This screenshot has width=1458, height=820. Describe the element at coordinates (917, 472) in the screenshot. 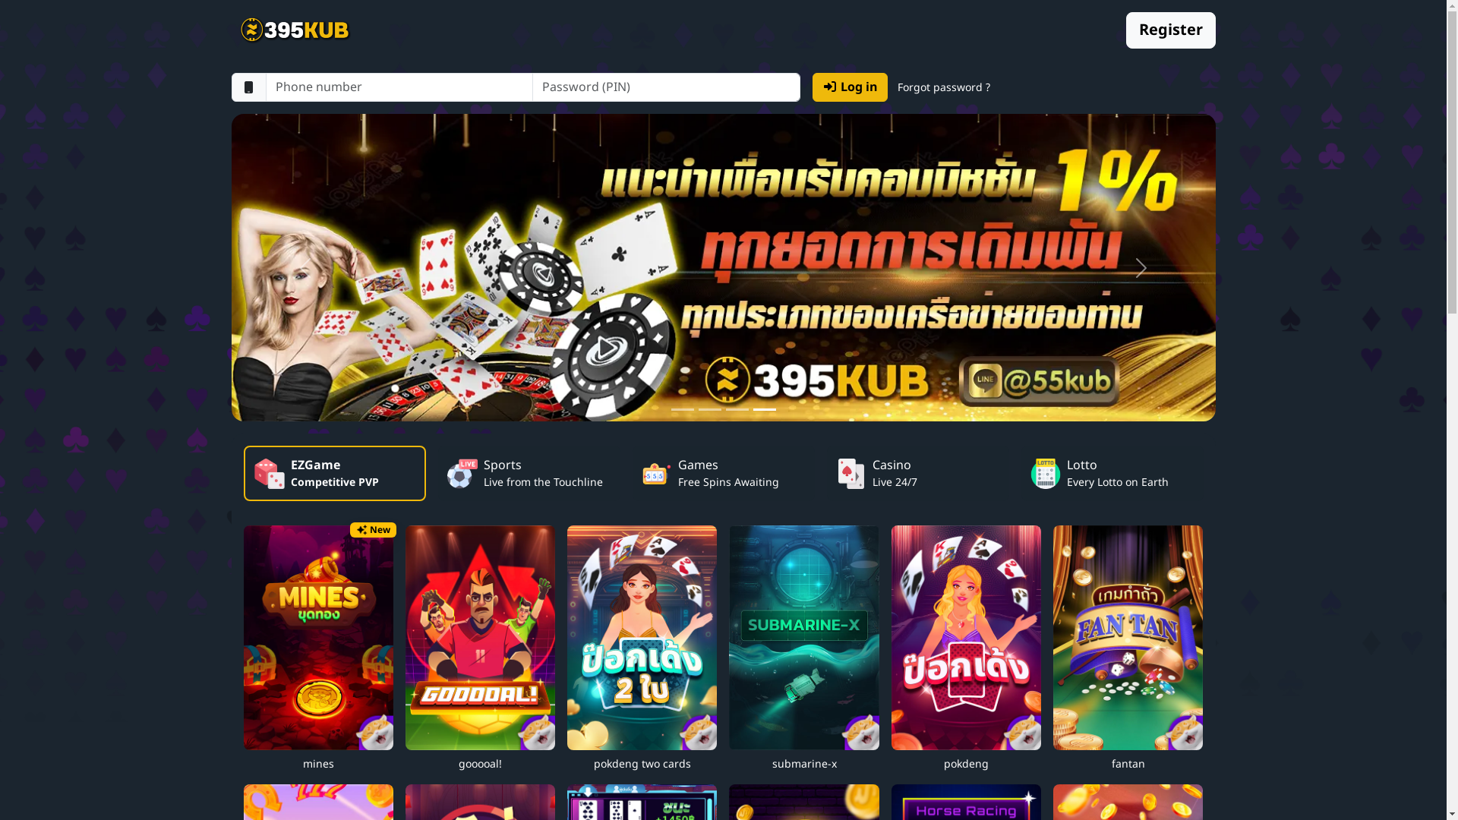

I see `'Casino` at that location.